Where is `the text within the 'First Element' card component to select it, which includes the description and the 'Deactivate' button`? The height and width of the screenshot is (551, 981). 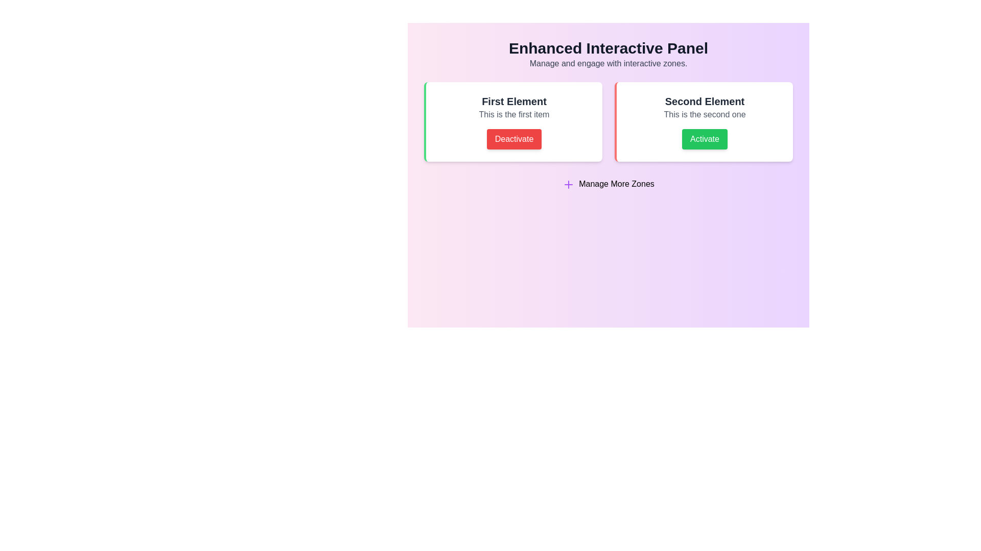
the text within the 'First Element' card component to select it, which includes the description and the 'Deactivate' button is located at coordinates (513, 121).